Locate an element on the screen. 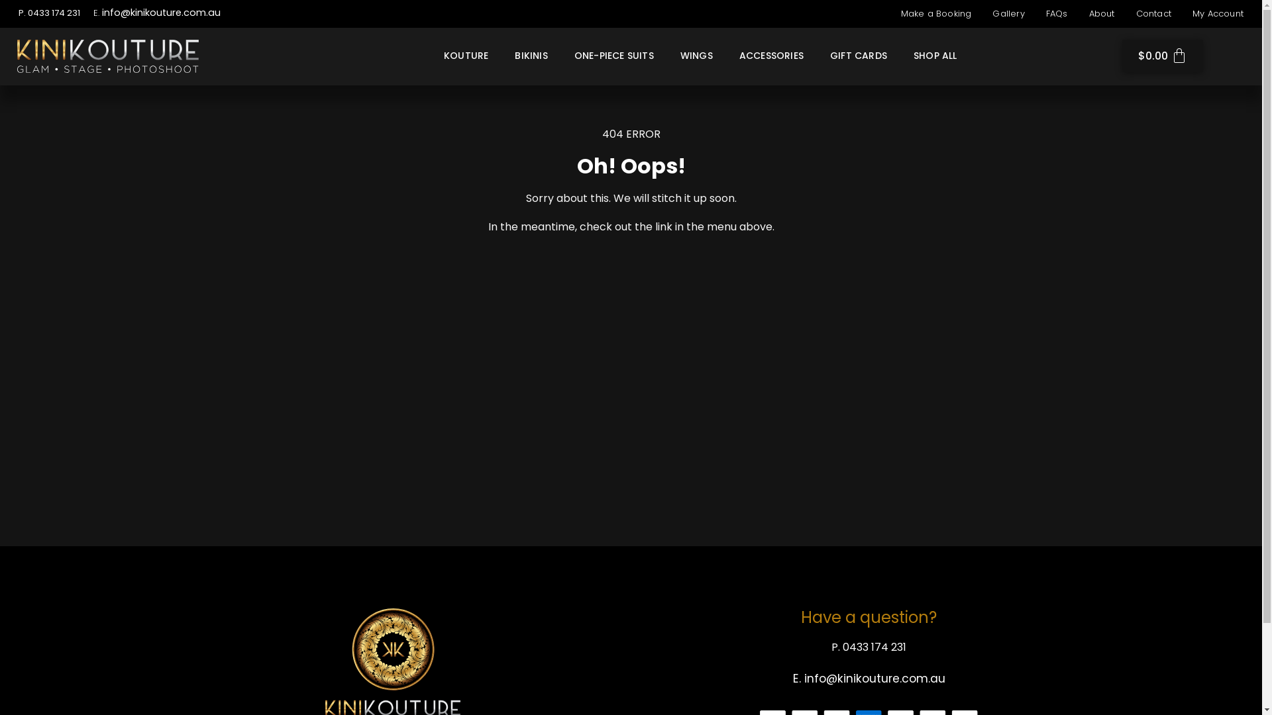 Image resolution: width=1272 pixels, height=715 pixels. 'About' is located at coordinates (1102, 13).